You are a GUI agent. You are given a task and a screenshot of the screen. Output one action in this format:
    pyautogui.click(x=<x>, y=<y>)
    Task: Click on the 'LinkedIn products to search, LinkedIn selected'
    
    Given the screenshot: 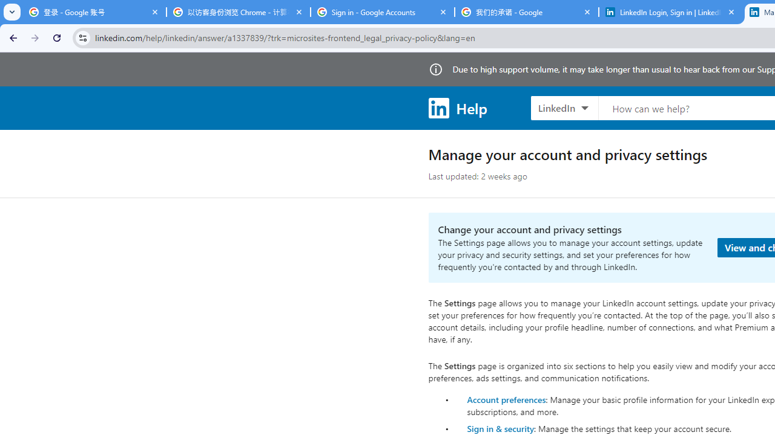 What is the action you would take?
    pyautogui.click(x=564, y=107)
    